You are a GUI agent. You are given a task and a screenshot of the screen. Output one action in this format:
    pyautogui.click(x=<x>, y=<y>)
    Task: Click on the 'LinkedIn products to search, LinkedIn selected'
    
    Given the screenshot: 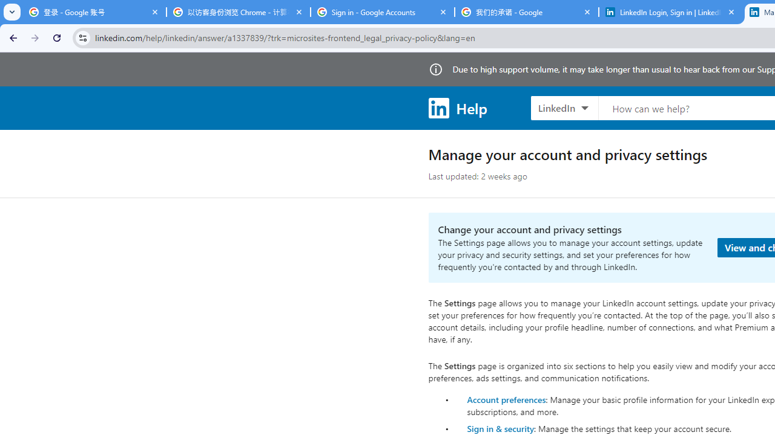 What is the action you would take?
    pyautogui.click(x=564, y=107)
    